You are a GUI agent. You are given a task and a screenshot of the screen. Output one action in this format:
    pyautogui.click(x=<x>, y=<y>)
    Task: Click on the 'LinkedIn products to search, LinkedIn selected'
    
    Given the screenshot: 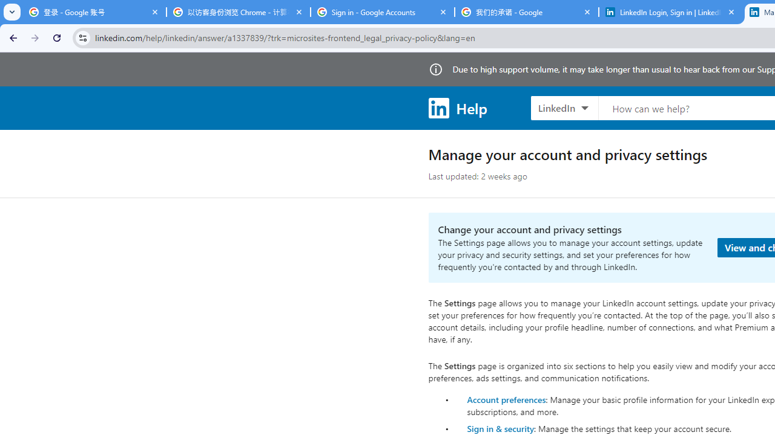 What is the action you would take?
    pyautogui.click(x=564, y=107)
    